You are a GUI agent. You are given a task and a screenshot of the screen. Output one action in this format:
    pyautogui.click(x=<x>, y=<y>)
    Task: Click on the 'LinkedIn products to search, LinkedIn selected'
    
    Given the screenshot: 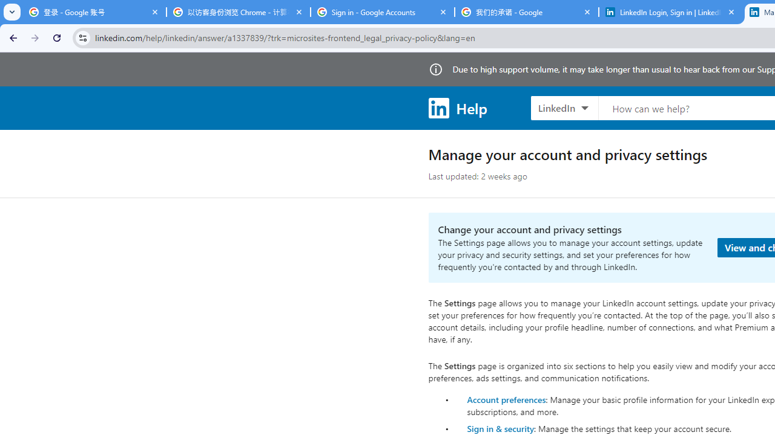 What is the action you would take?
    pyautogui.click(x=564, y=107)
    